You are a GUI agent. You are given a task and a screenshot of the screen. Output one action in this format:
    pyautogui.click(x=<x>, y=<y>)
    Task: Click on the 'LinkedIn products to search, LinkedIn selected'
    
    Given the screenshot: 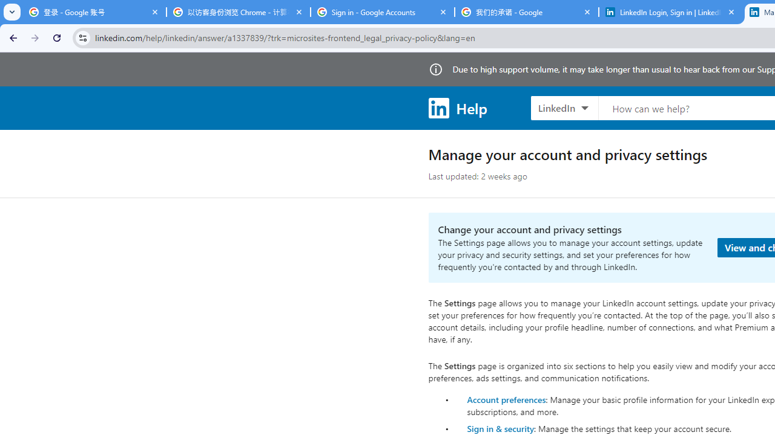 What is the action you would take?
    pyautogui.click(x=564, y=107)
    